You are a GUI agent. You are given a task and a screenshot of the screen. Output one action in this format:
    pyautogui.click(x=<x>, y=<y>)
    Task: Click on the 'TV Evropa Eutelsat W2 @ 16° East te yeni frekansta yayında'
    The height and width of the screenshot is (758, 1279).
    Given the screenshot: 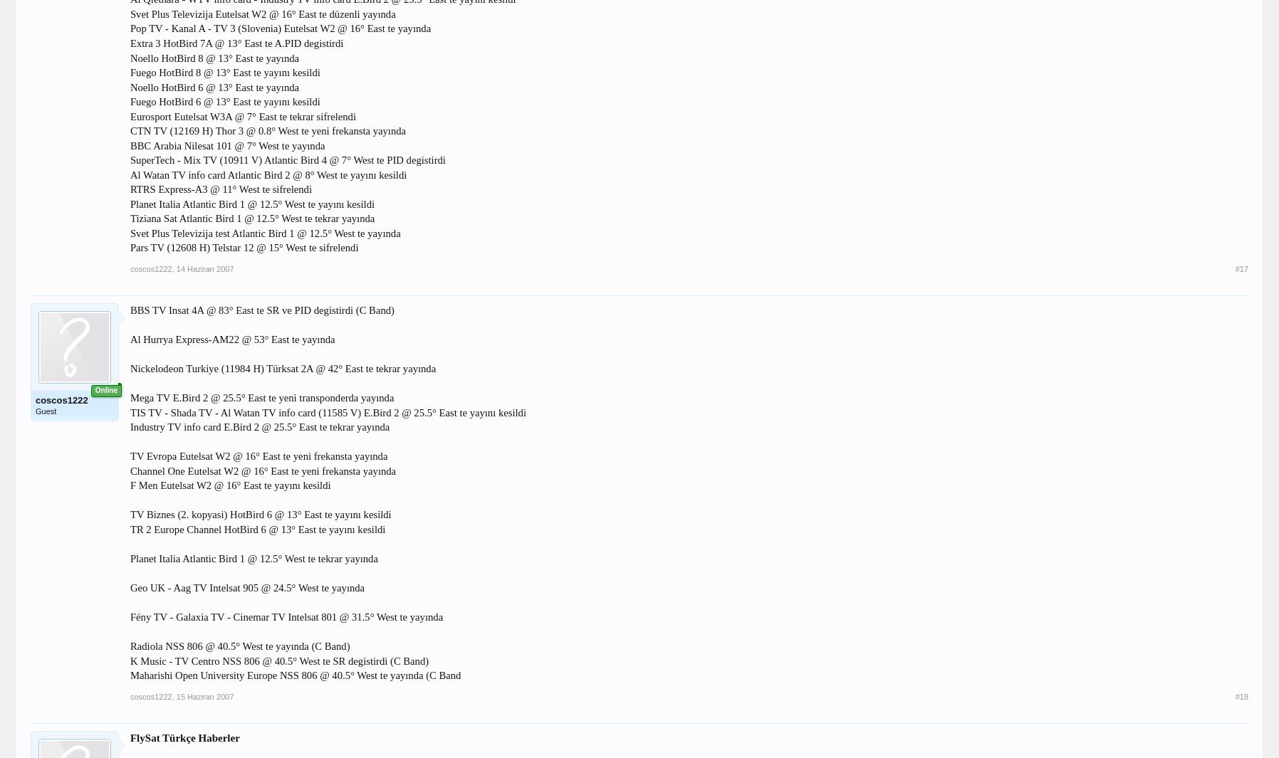 What is the action you would take?
    pyautogui.click(x=258, y=456)
    